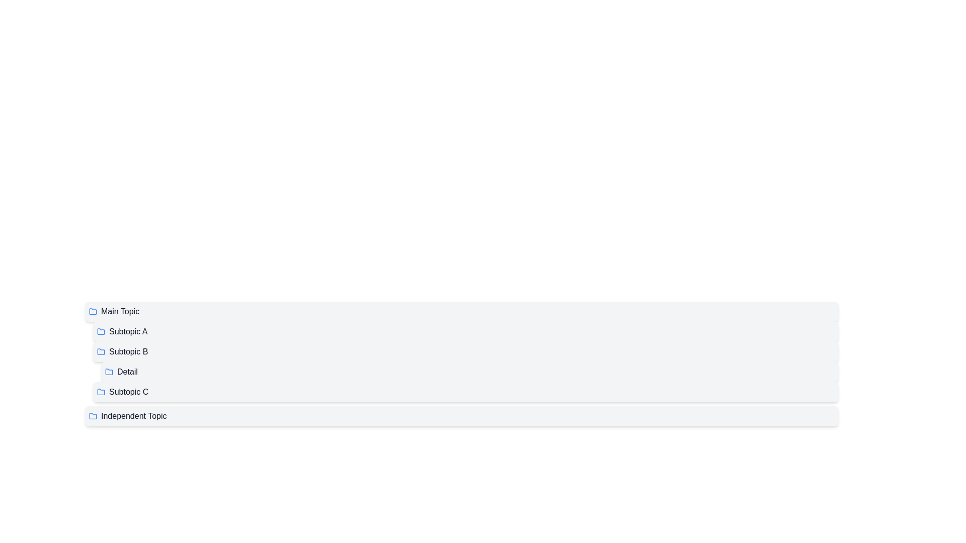 Image resolution: width=966 pixels, height=543 pixels. What do you see at coordinates (93, 311) in the screenshot?
I see `the folder icon with a blue outline located at the start of the horizontal bar next to the text label 'Main Topic'` at bounding box center [93, 311].